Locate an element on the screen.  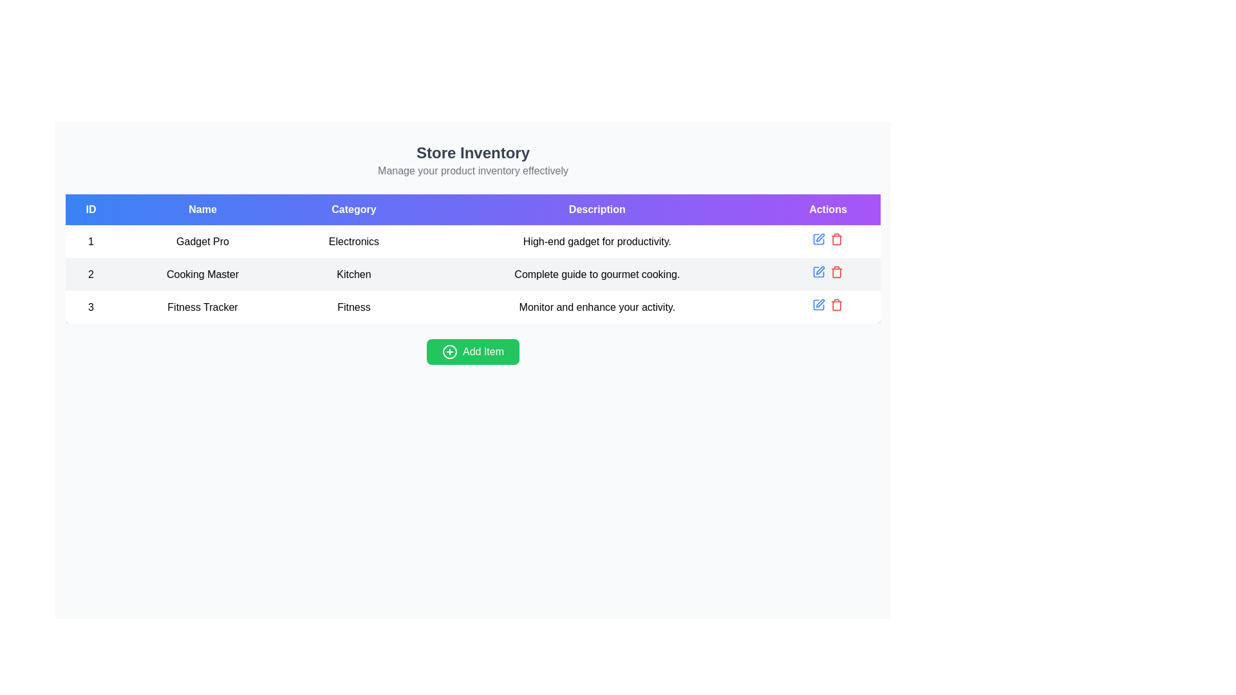
text of the Text label, which serves as a unique identifier for the row corresponding to 'Cooking Master' in the table under the 'ID' column is located at coordinates (90, 273).